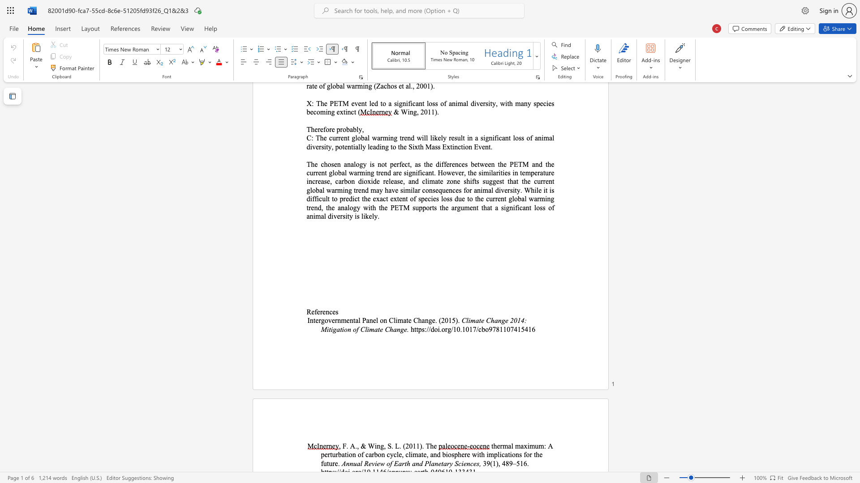 The height and width of the screenshot is (483, 860). What do you see at coordinates (356, 320) in the screenshot?
I see `the 1th character "a" in the text` at bounding box center [356, 320].